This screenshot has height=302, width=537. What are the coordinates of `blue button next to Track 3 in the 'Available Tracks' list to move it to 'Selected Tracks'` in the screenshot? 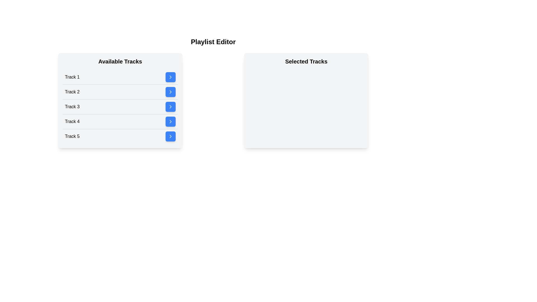 It's located at (170, 107).